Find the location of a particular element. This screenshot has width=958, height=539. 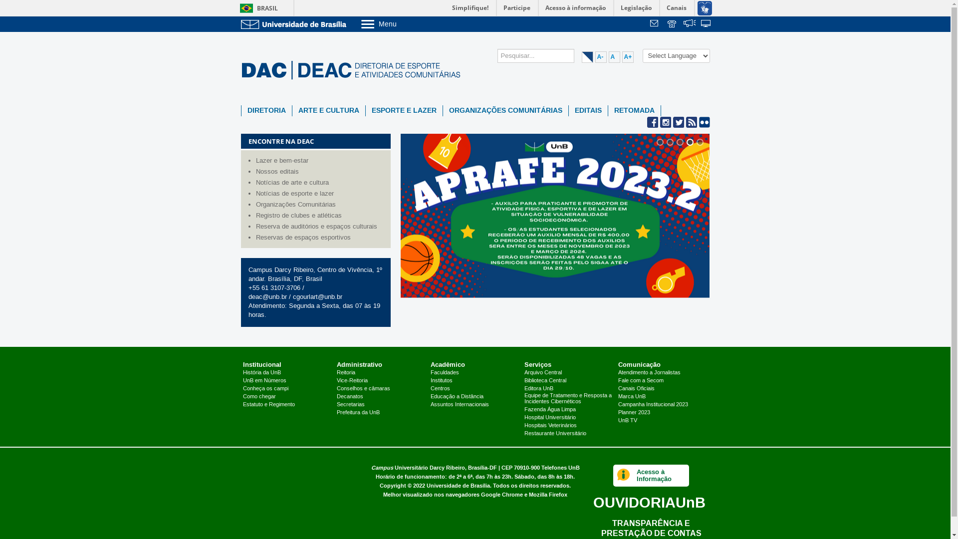

'Reitoria' is located at coordinates (337, 373).